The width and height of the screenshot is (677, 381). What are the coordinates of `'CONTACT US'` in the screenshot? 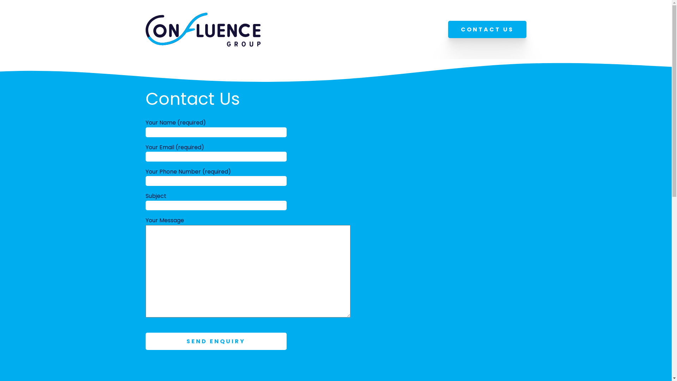 It's located at (487, 29).